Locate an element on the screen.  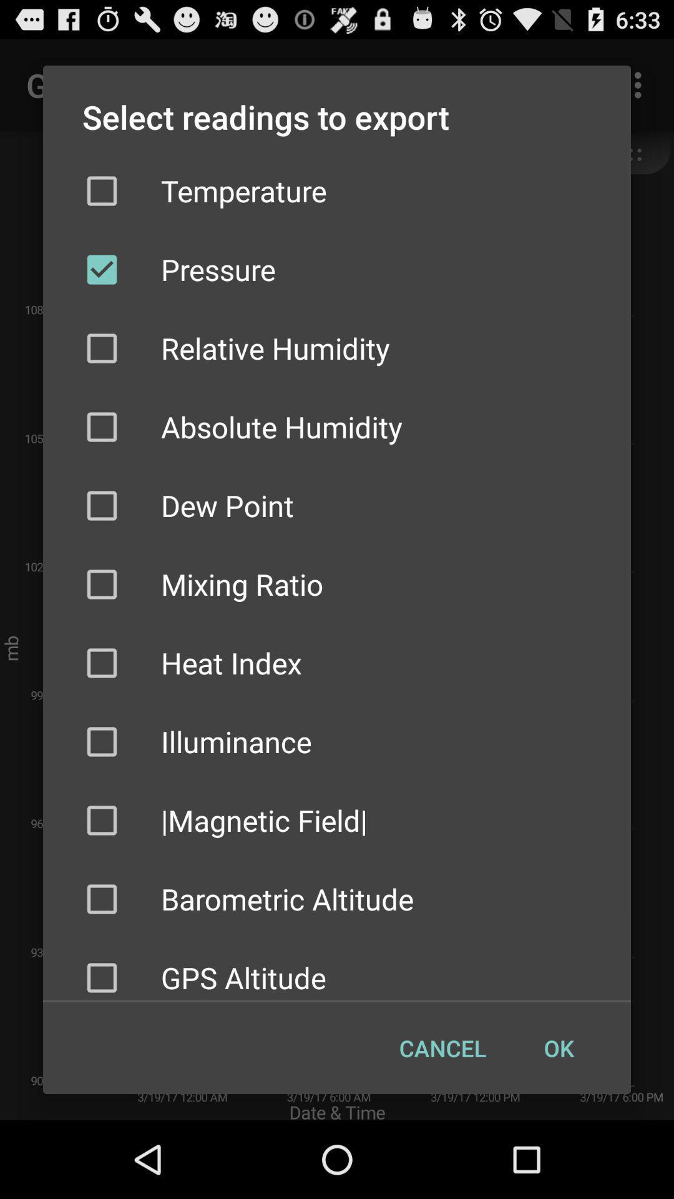
item below gps altitude checkbox is located at coordinates (442, 1048).